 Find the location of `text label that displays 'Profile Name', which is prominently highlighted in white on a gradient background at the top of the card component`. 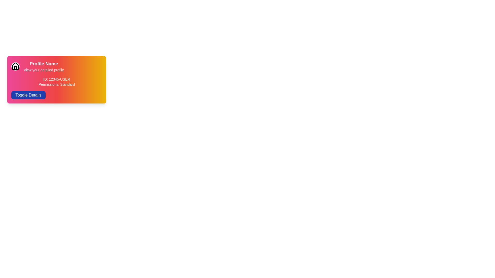

text label that displays 'Profile Name', which is prominently highlighted in white on a gradient background at the top of the card component is located at coordinates (44, 63).